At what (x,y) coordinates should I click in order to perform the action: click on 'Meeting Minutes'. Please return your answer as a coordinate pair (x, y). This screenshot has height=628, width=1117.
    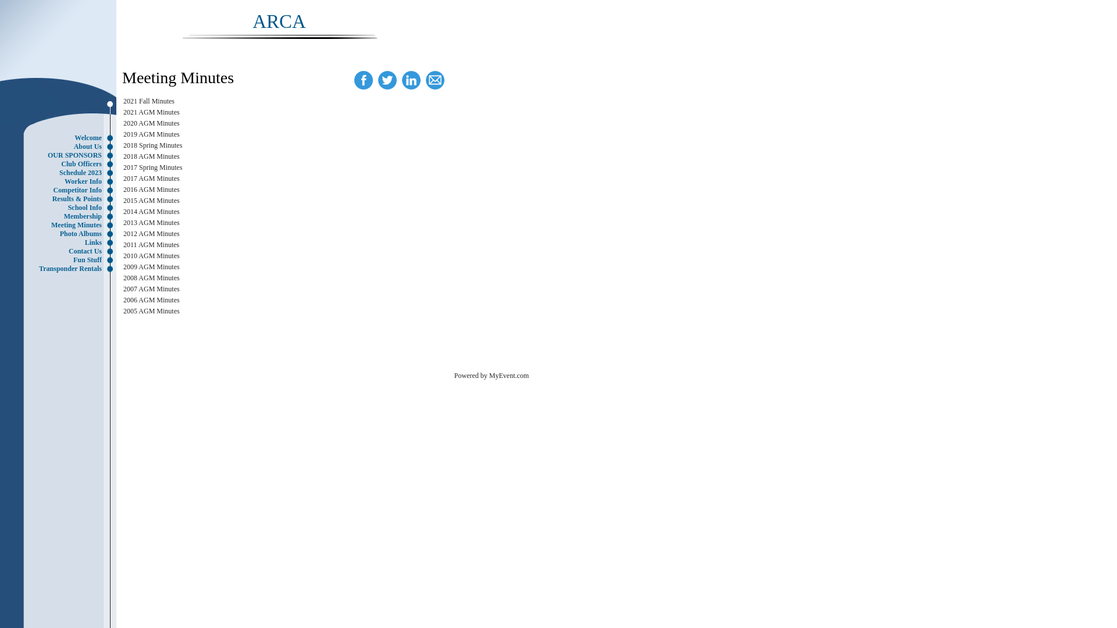
    Looking at the image, I should click on (61, 225).